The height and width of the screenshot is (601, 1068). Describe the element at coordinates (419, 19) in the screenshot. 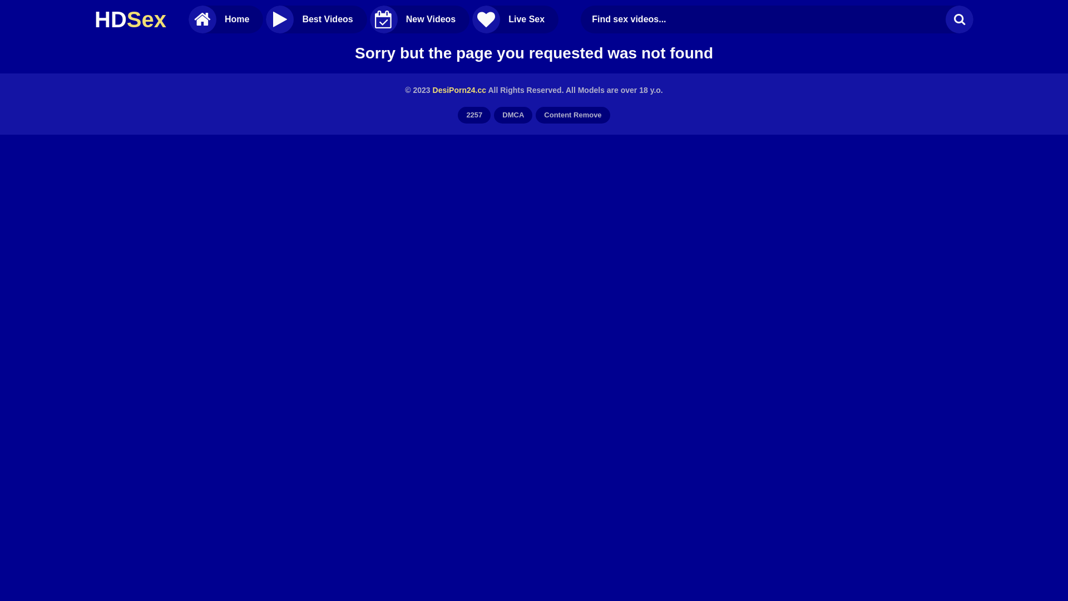

I see `'New Videos'` at that location.